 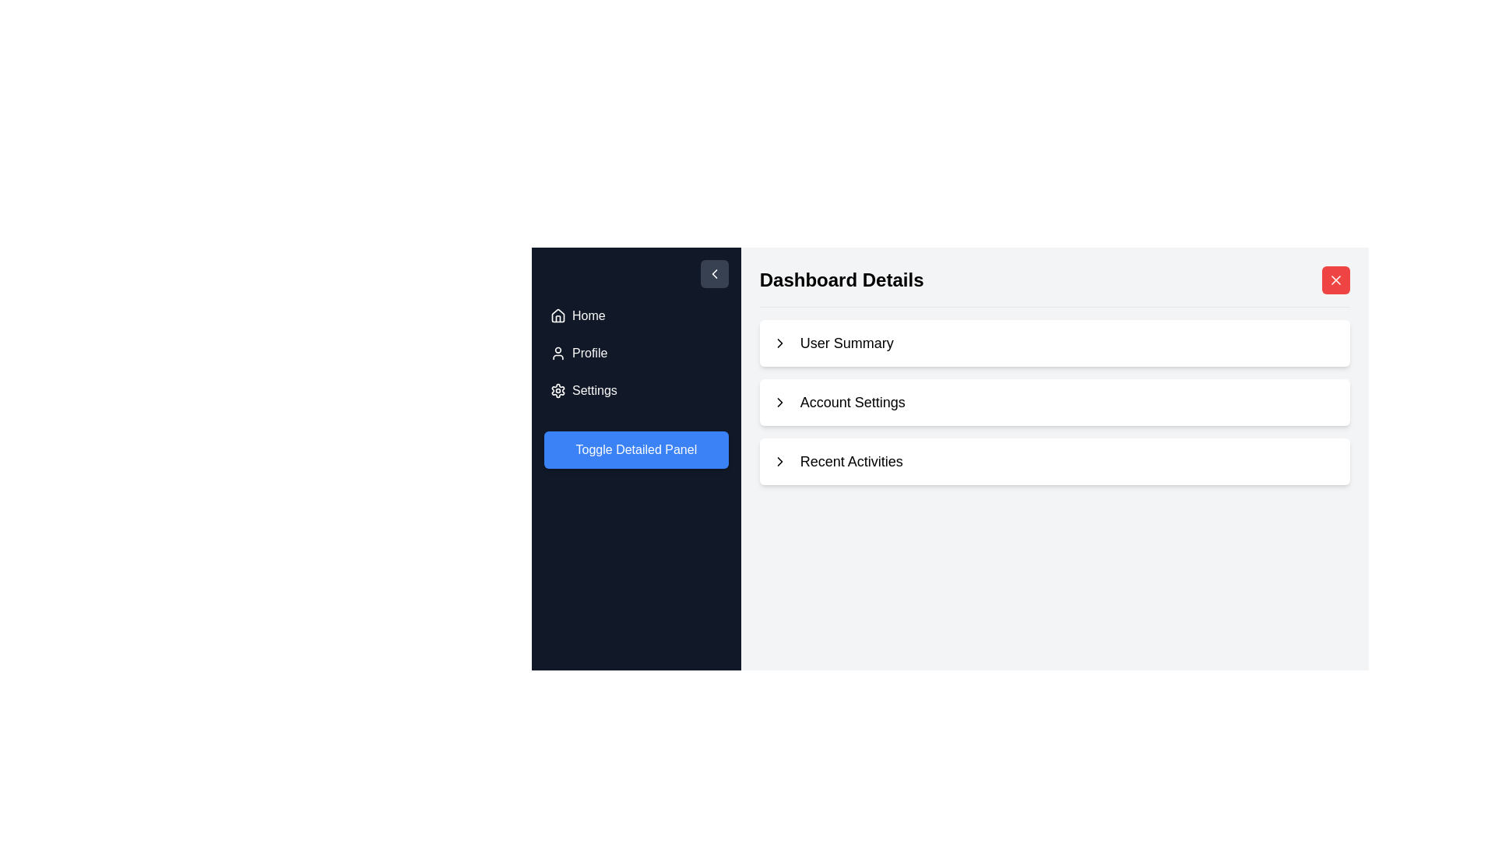 I want to click on the stylized graphical depiction of a house that forms the upper portion of the home icon in the left sidebar of the interface, so click(x=558, y=315).